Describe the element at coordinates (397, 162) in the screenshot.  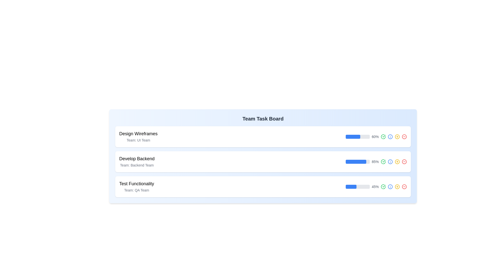
I see `the circular icon button located to the right of the progress bar in the second task's row on the 'Team Task Board'` at that location.